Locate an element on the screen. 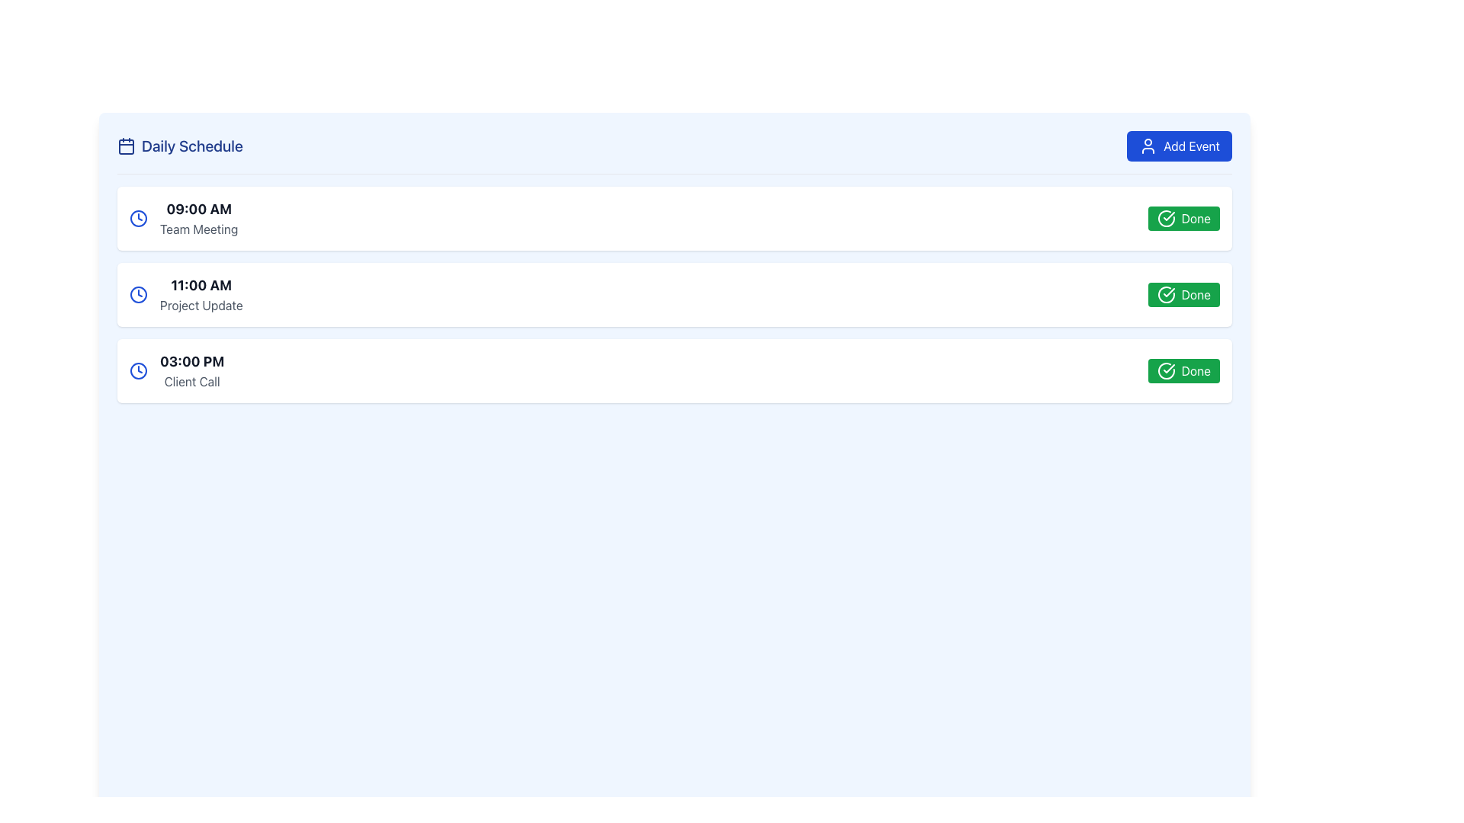  the text label indicating the scheduled event '09:00 AM Team Meeting' located under 'Daily Schedule' is located at coordinates (198, 218).